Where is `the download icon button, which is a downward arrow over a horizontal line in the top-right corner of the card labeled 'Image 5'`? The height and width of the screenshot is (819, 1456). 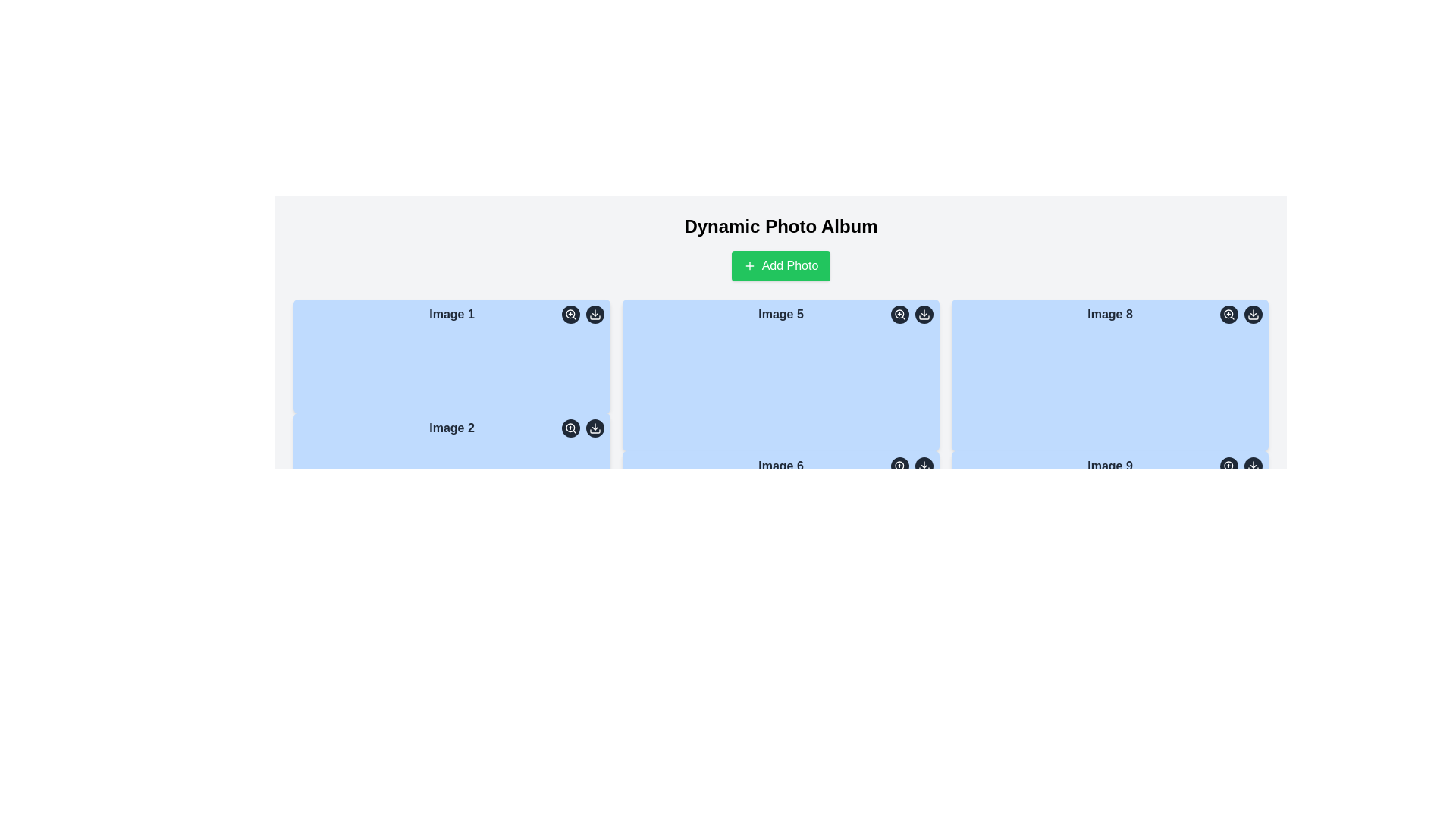
the download icon button, which is a downward arrow over a horizontal line in the top-right corner of the card labeled 'Image 5' is located at coordinates (924, 314).